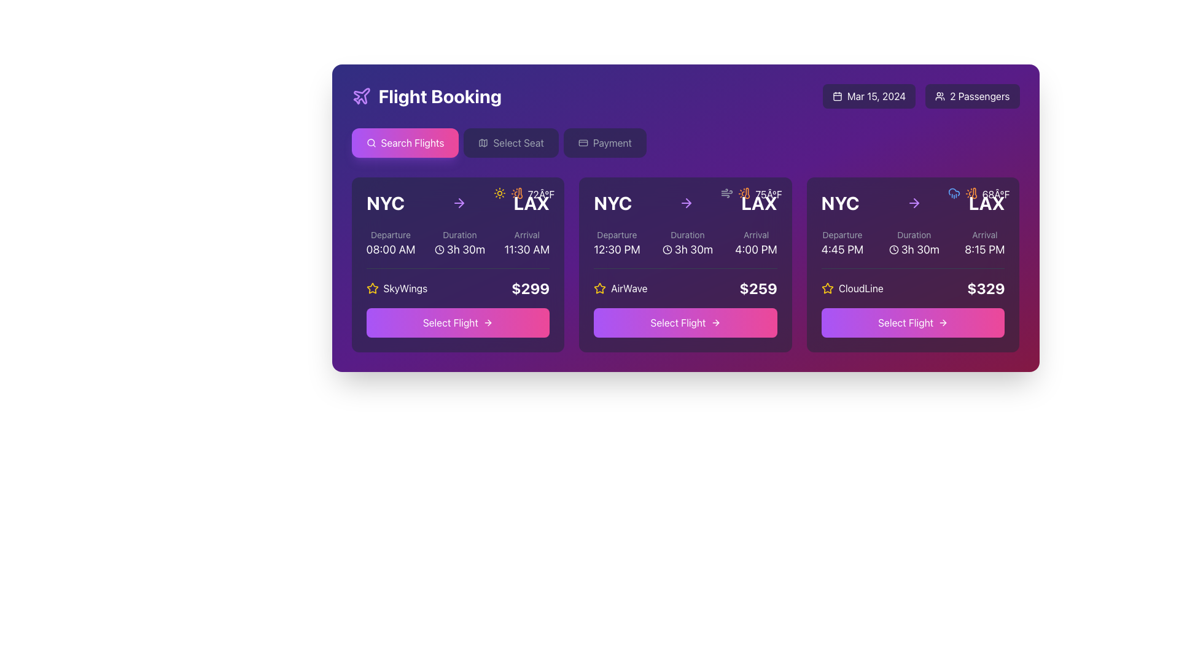 This screenshot has height=663, width=1179. I want to click on airline name element, which is located in the bottom-left section of the first flight option card, directly above the price '$299' and the 'Select Flight' button, so click(397, 289).